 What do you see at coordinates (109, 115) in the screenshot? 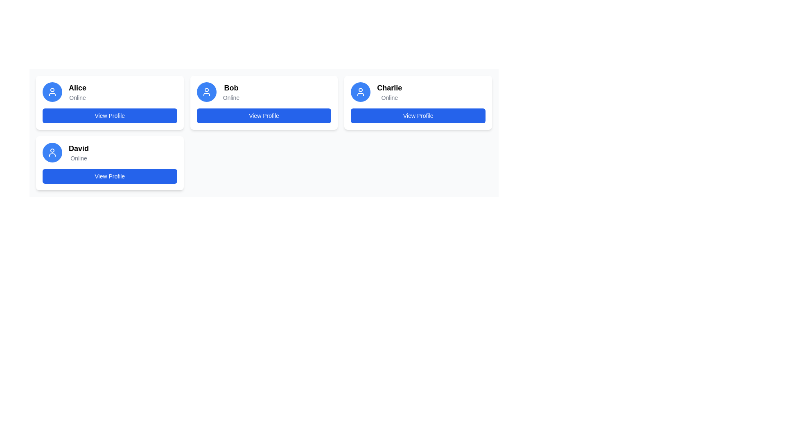
I see `the button that navigates to Alice's profile page, located at the bottom of her profile card` at bounding box center [109, 115].